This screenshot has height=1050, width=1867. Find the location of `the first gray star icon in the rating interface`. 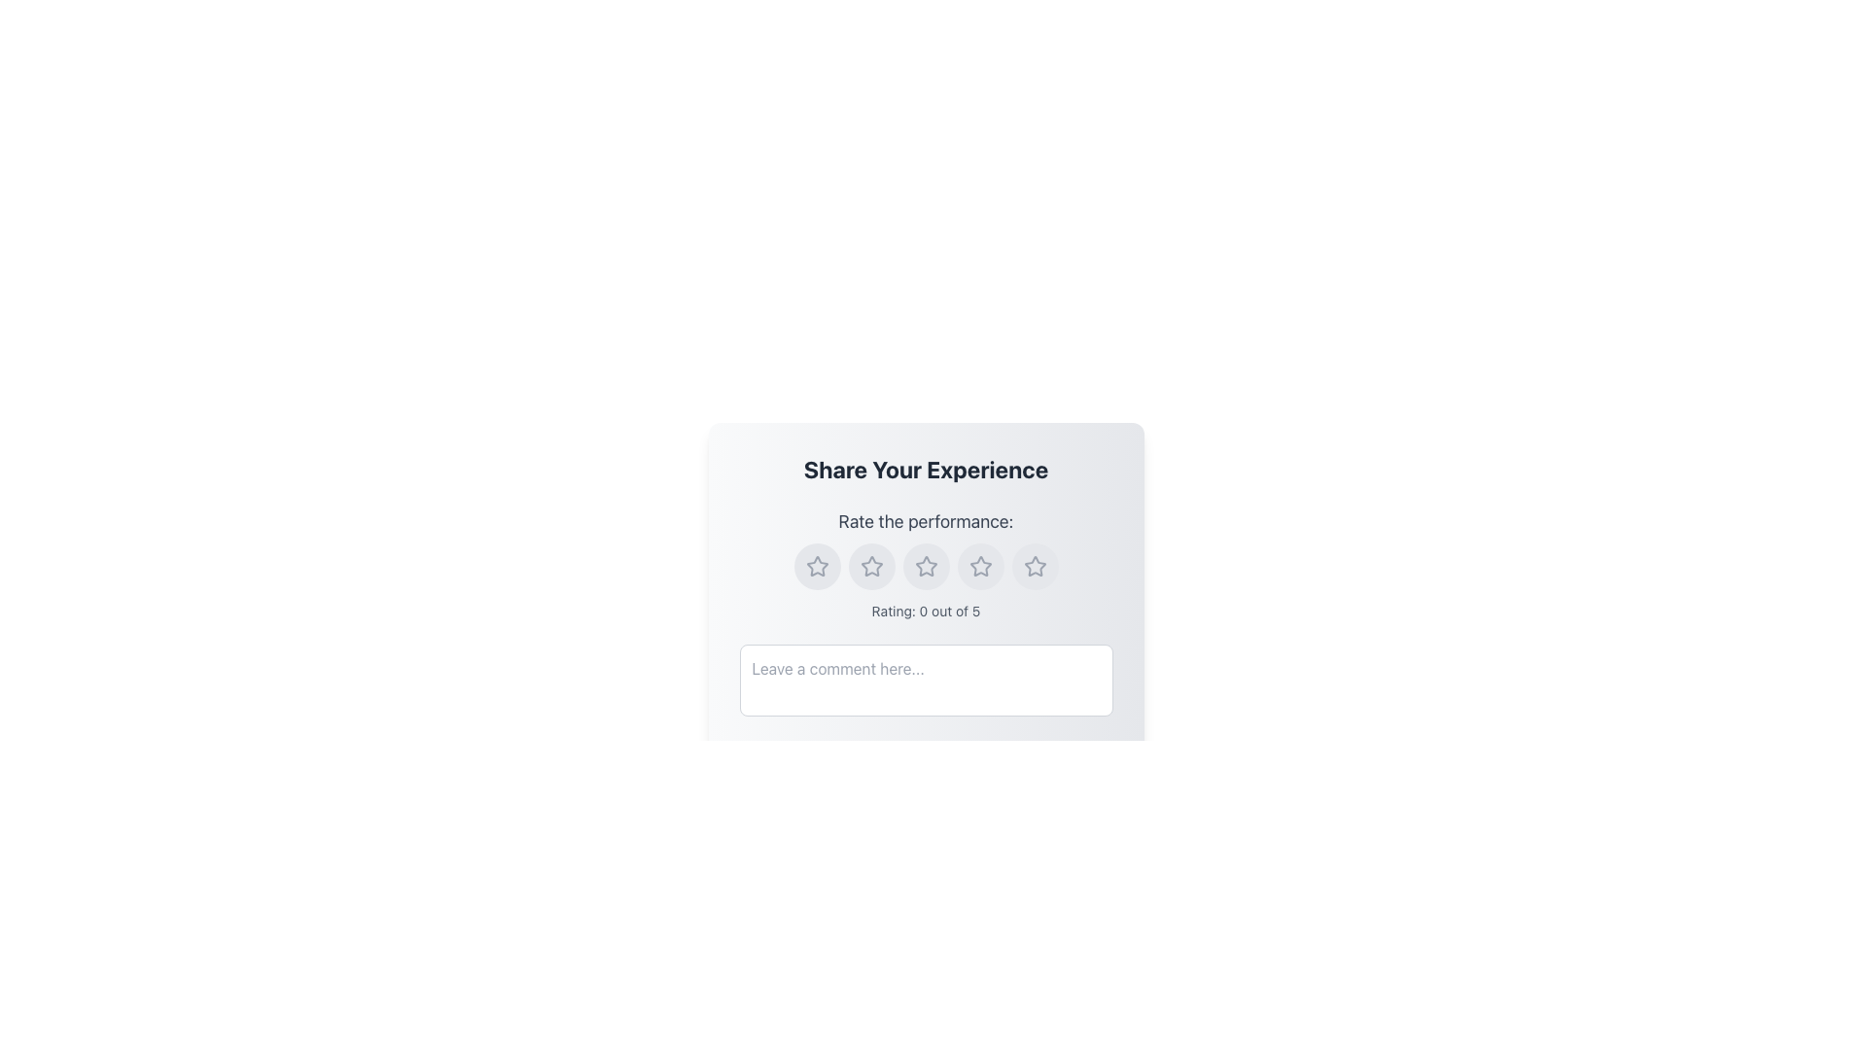

the first gray star icon in the rating interface is located at coordinates (817, 566).